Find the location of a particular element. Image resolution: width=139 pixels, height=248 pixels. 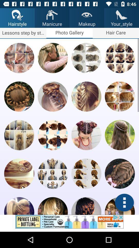

this picture is located at coordinates (120, 174).